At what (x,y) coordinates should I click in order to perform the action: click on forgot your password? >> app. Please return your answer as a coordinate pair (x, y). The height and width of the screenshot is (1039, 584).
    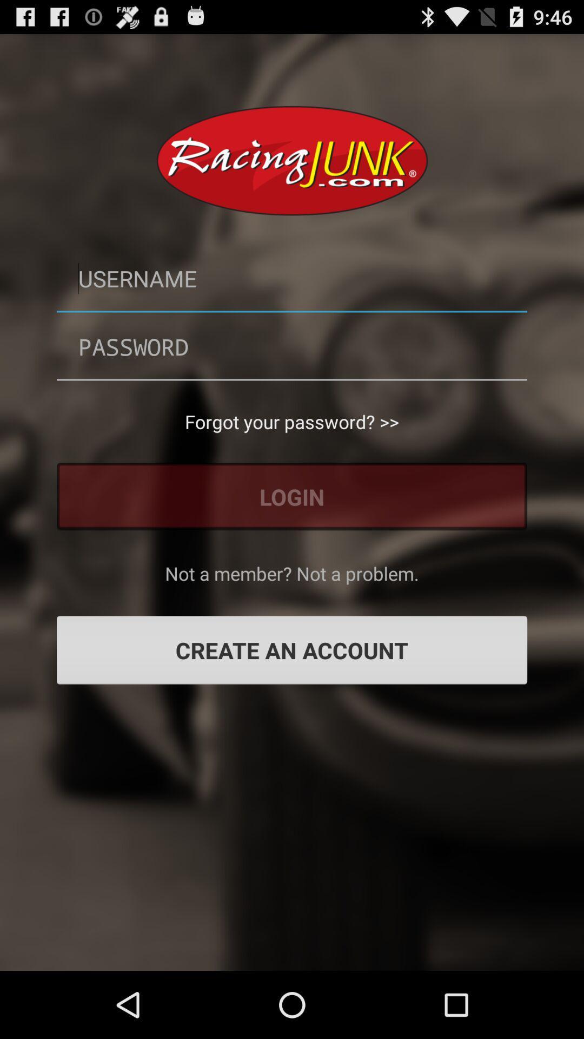
    Looking at the image, I should click on (292, 421).